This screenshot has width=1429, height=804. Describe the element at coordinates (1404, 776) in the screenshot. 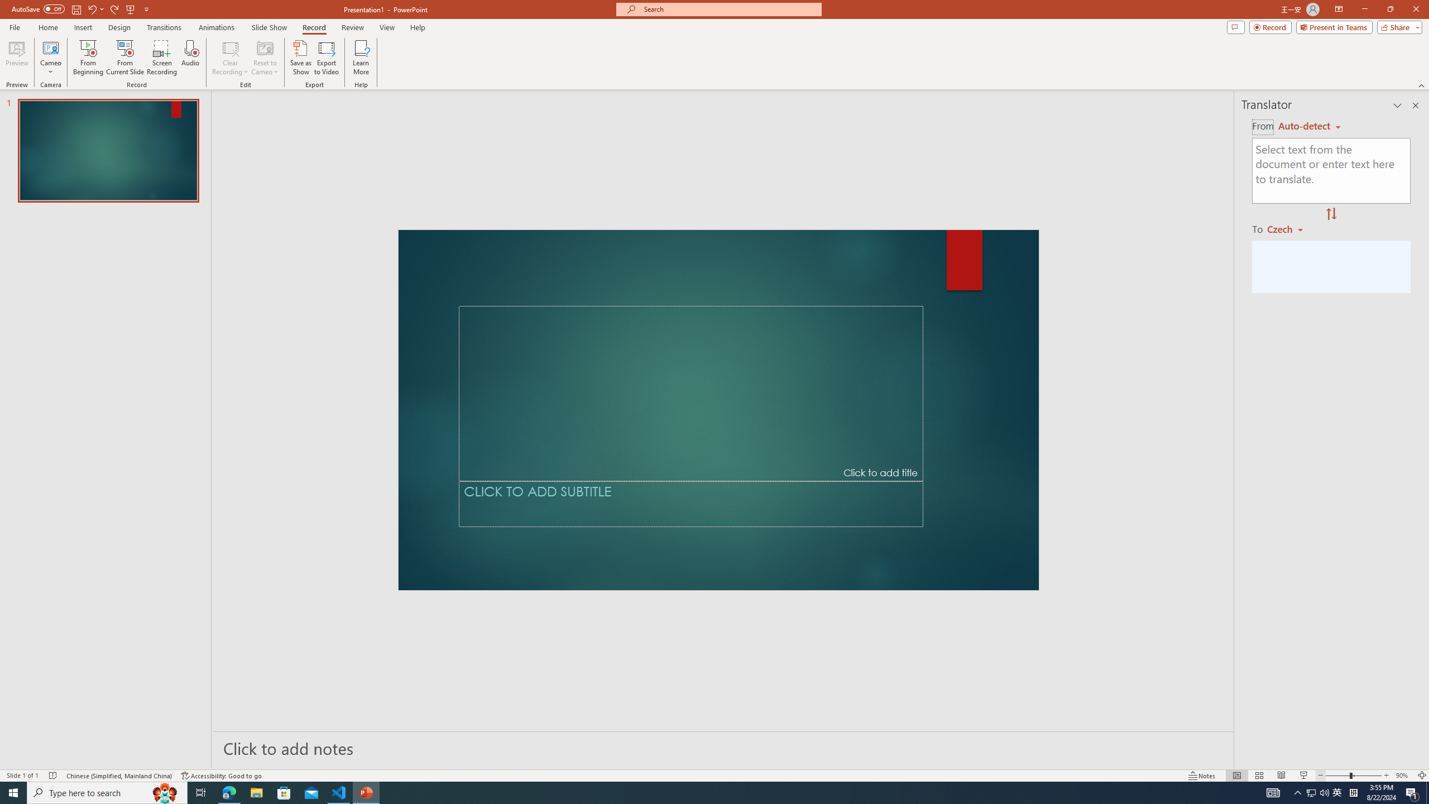

I see `'Zoom 90%'` at that location.